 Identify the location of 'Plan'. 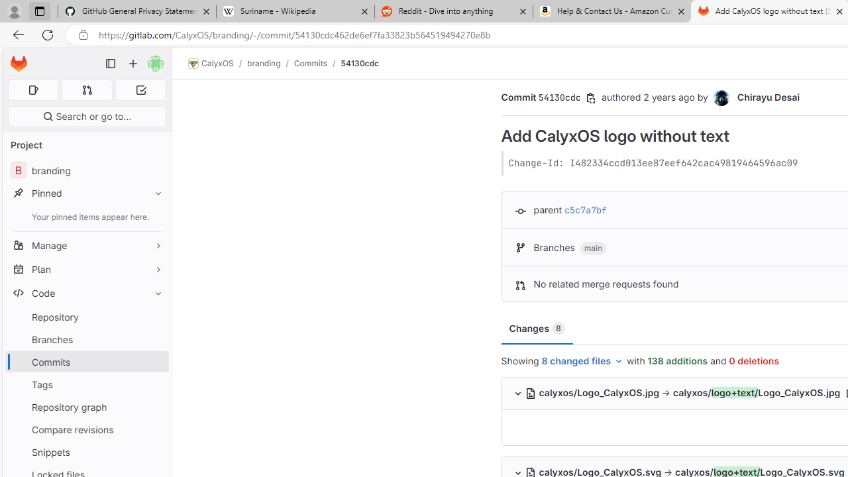
(86, 268).